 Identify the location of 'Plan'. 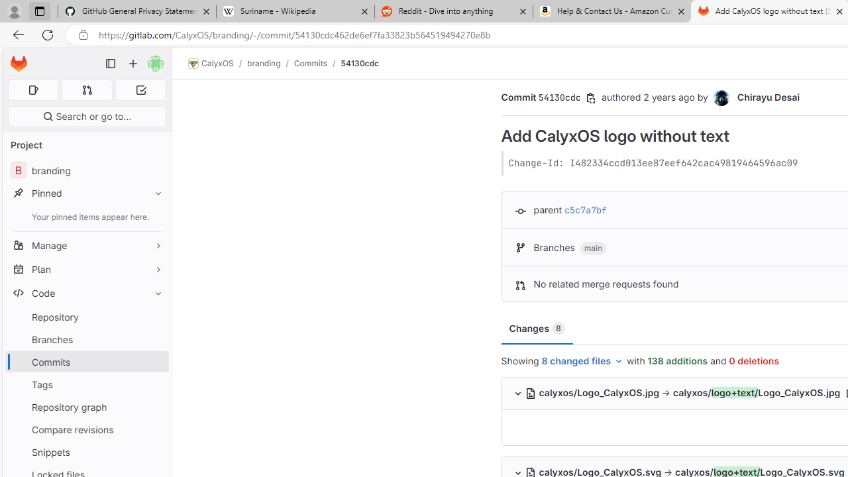
(86, 268).